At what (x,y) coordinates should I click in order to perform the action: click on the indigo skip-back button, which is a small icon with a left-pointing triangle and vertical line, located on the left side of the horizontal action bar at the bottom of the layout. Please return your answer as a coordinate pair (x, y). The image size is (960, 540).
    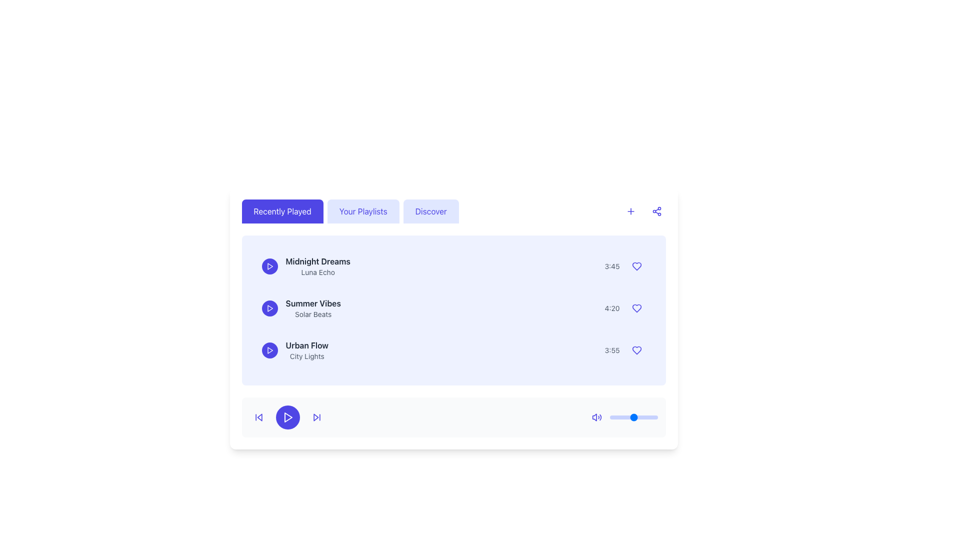
    Looking at the image, I should click on (258, 417).